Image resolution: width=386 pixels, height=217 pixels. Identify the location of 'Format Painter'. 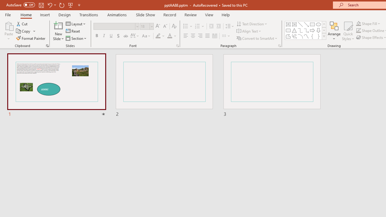
(31, 38).